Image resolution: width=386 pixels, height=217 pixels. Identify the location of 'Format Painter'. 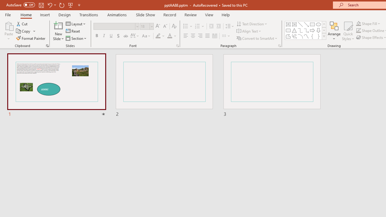
(31, 38).